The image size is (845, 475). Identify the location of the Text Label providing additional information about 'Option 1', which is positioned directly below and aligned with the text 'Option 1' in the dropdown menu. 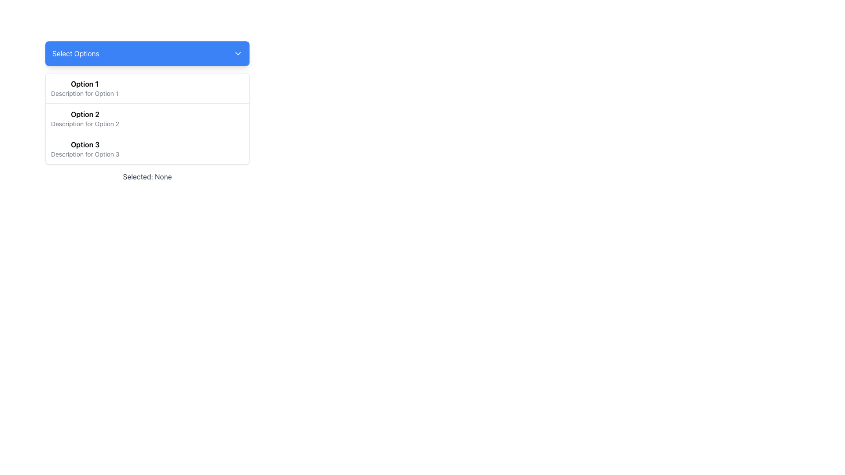
(84, 93).